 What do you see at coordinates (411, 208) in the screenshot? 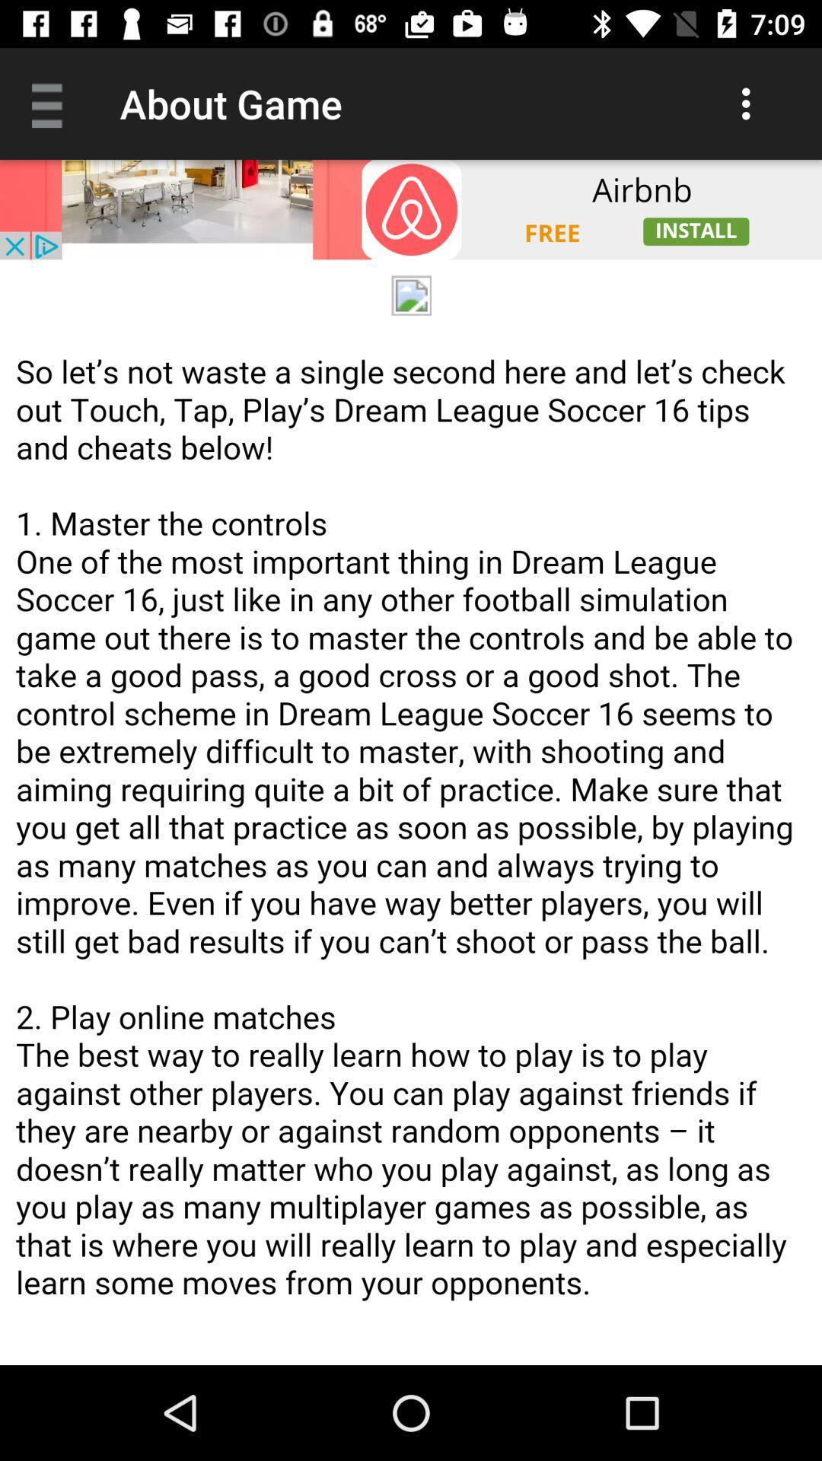
I see `open advertisement` at bounding box center [411, 208].